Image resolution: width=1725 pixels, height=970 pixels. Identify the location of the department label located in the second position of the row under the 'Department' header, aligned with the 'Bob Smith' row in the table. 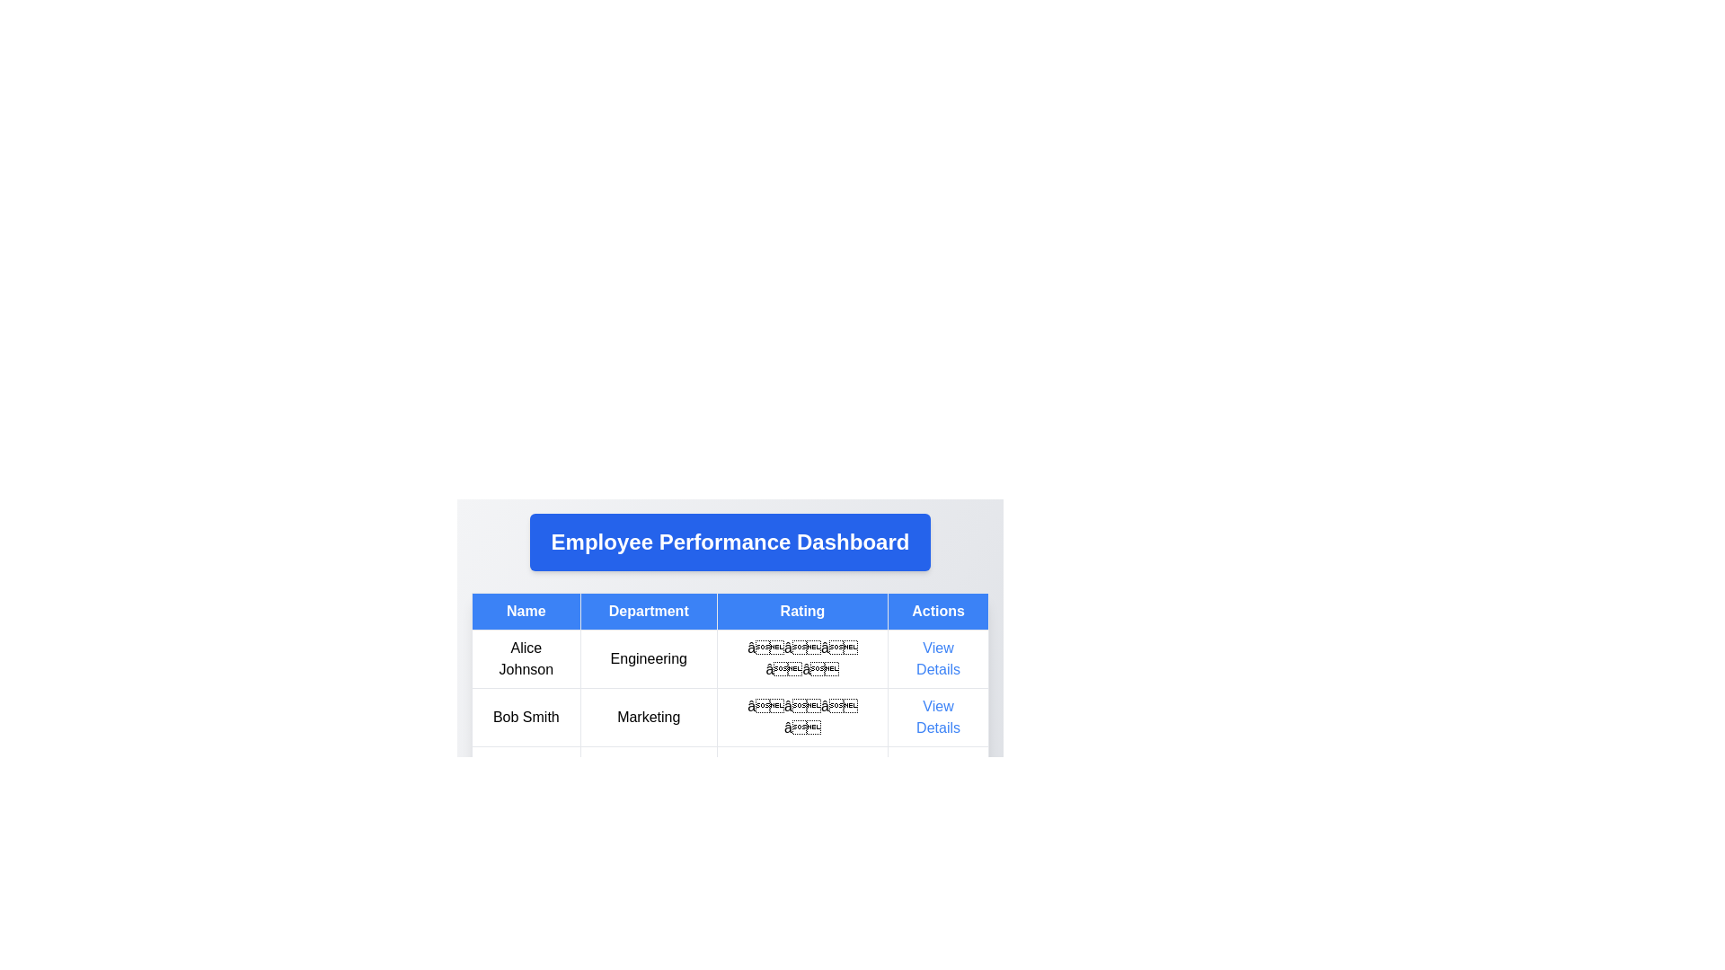
(648, 716).